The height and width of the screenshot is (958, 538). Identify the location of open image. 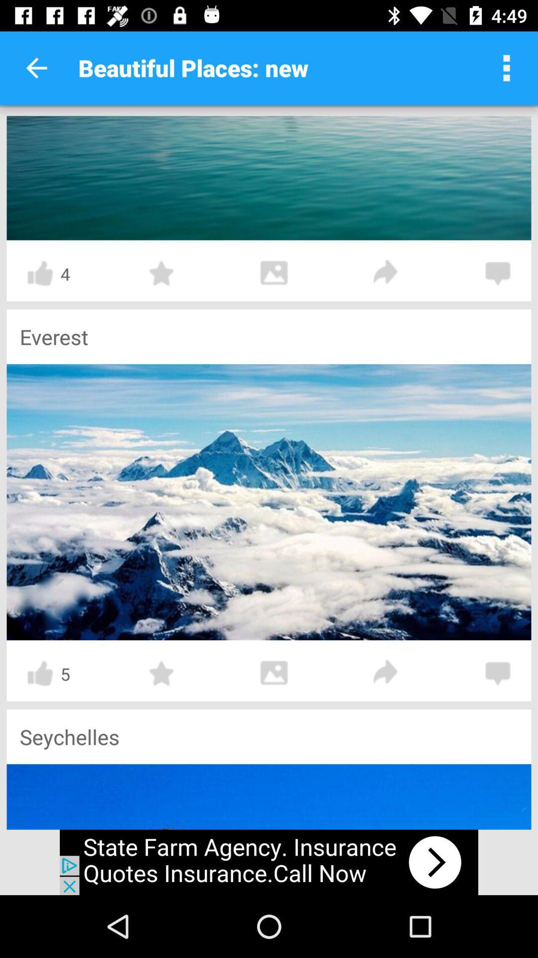
(274, 673).